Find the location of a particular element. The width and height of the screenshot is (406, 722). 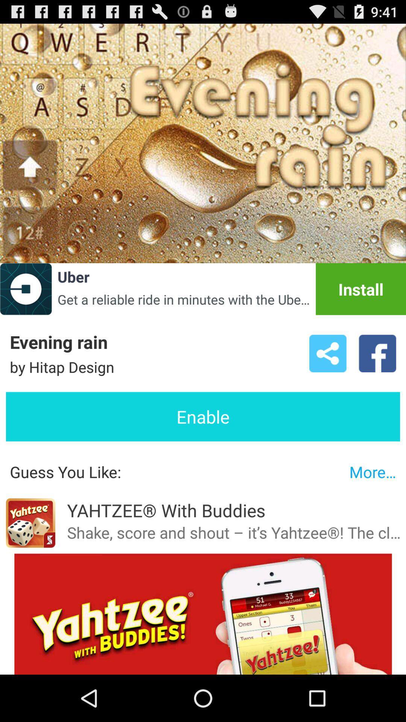

icon above guess you like: item is located at coordinates (203, 416).